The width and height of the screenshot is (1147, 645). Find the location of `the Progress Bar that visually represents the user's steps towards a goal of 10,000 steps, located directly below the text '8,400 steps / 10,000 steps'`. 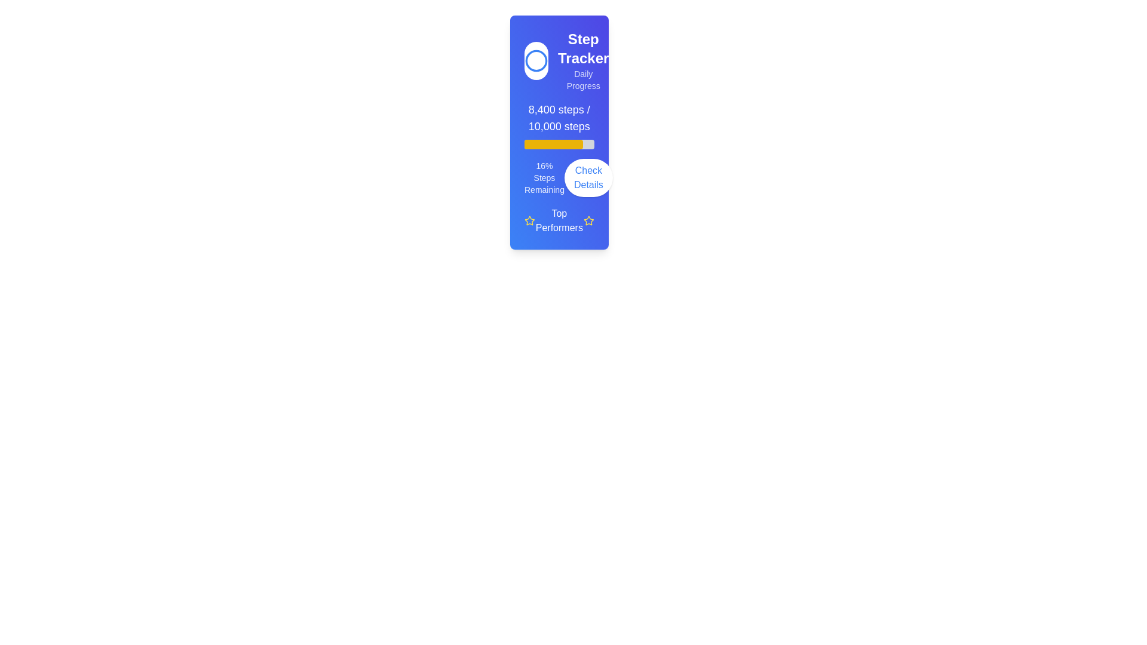

the Progress Bar that visually represents the user's steps towards a goal of 10,000 steps, located directly below the text '8,400 steps / 10,000 steps' is located at coordinates (559, 144).